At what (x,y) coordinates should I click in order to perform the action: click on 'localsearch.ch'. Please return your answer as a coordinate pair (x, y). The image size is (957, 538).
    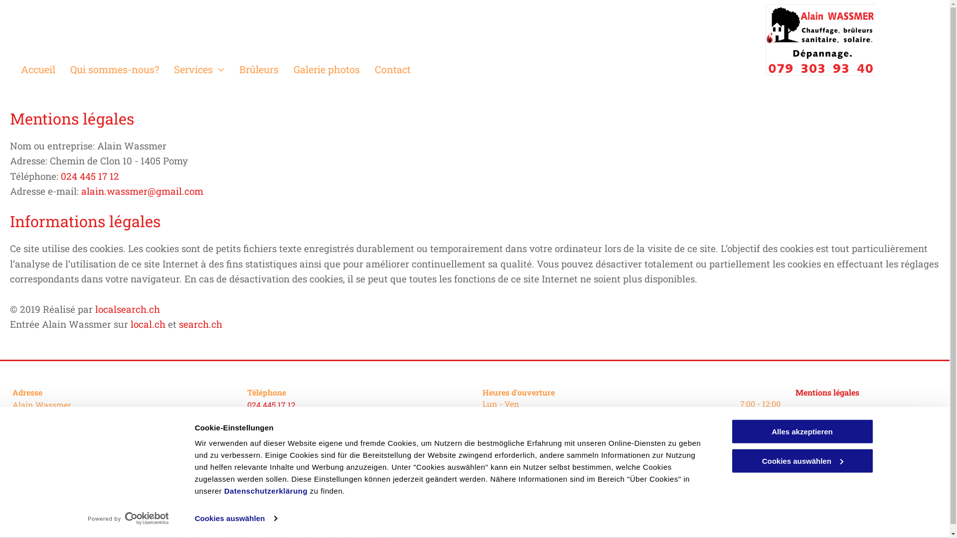
    Looking at the image, I should click on (127, 308).